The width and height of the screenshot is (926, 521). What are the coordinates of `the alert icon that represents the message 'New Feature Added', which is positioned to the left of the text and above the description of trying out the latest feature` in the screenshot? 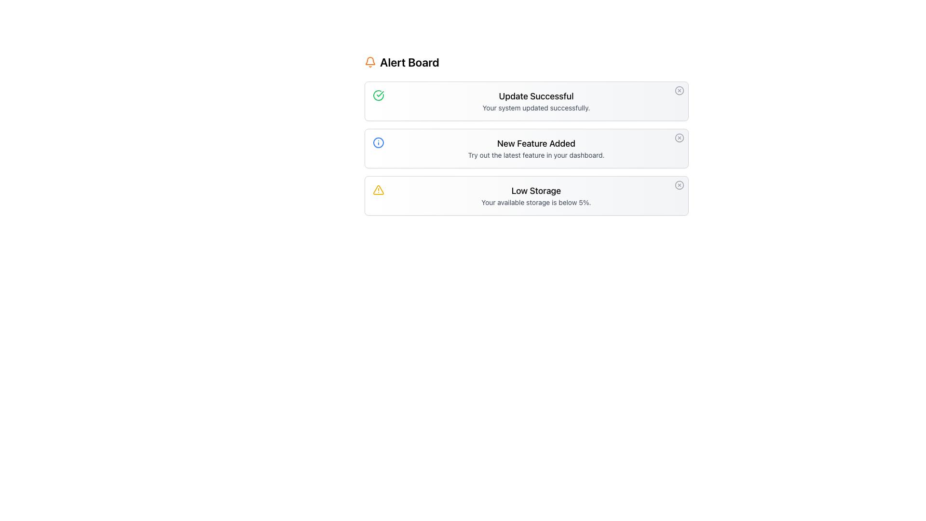 It's located at (378, 143).